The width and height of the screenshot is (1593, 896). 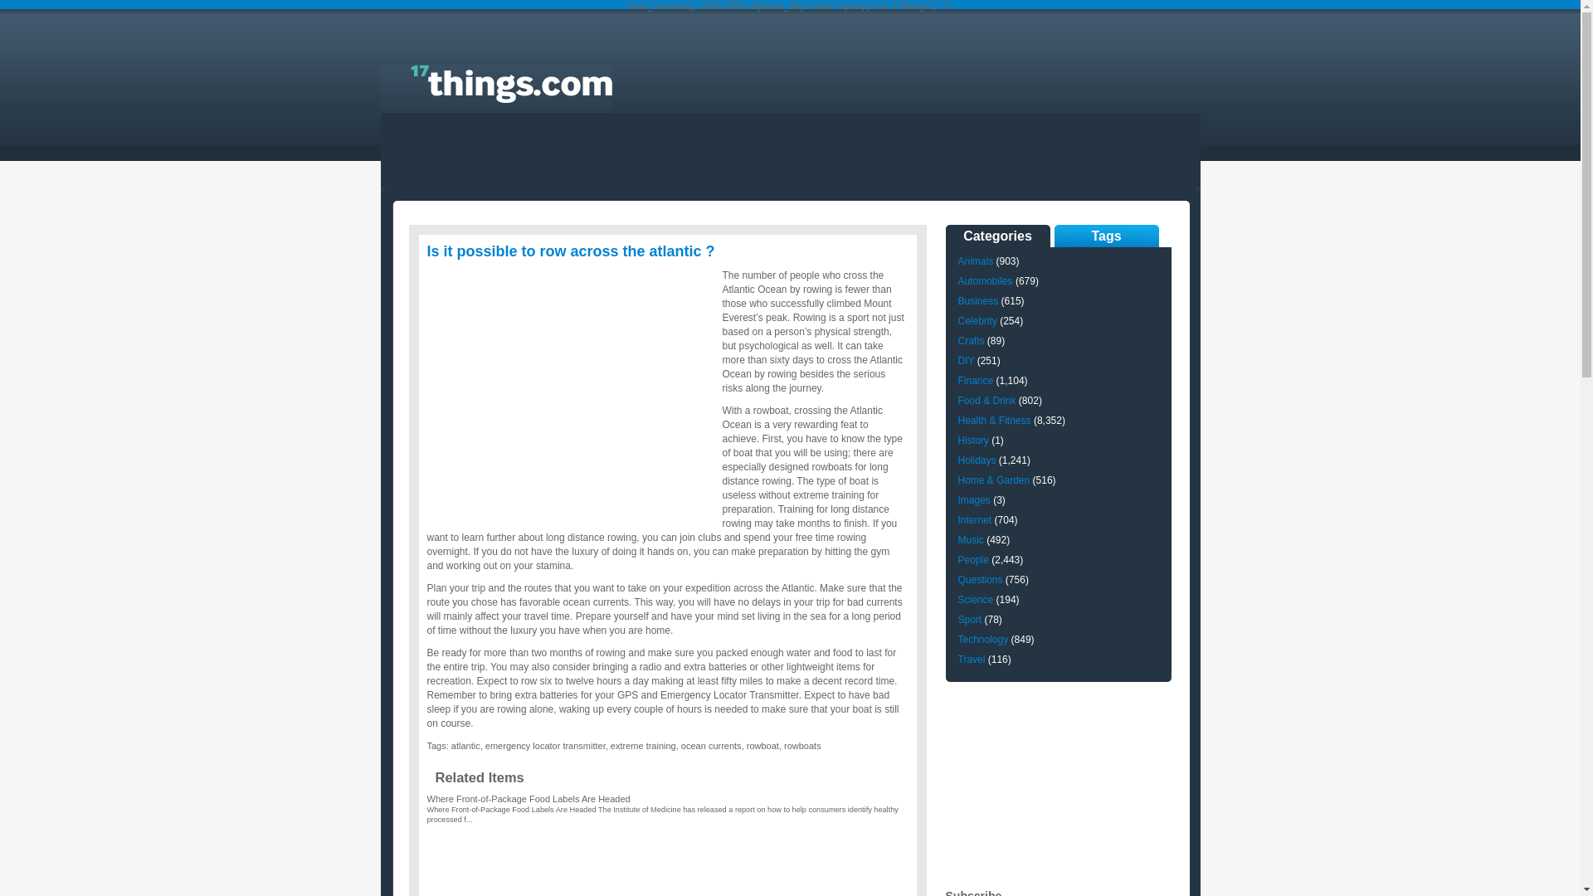 What do you see at coordinates (979, 578) in the screenshot?
I see `'Questions'` at bounding box center [979, 578].